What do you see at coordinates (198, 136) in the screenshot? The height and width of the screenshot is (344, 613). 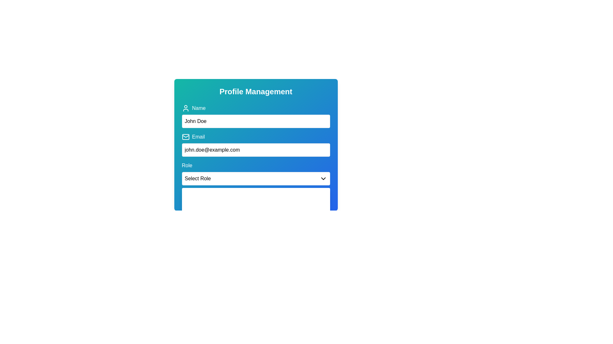 I see `the 'Email' text label, which is styled with a medium font-weight and positioned next to a mail icon above the email input field` at bounding box center [198, 136].